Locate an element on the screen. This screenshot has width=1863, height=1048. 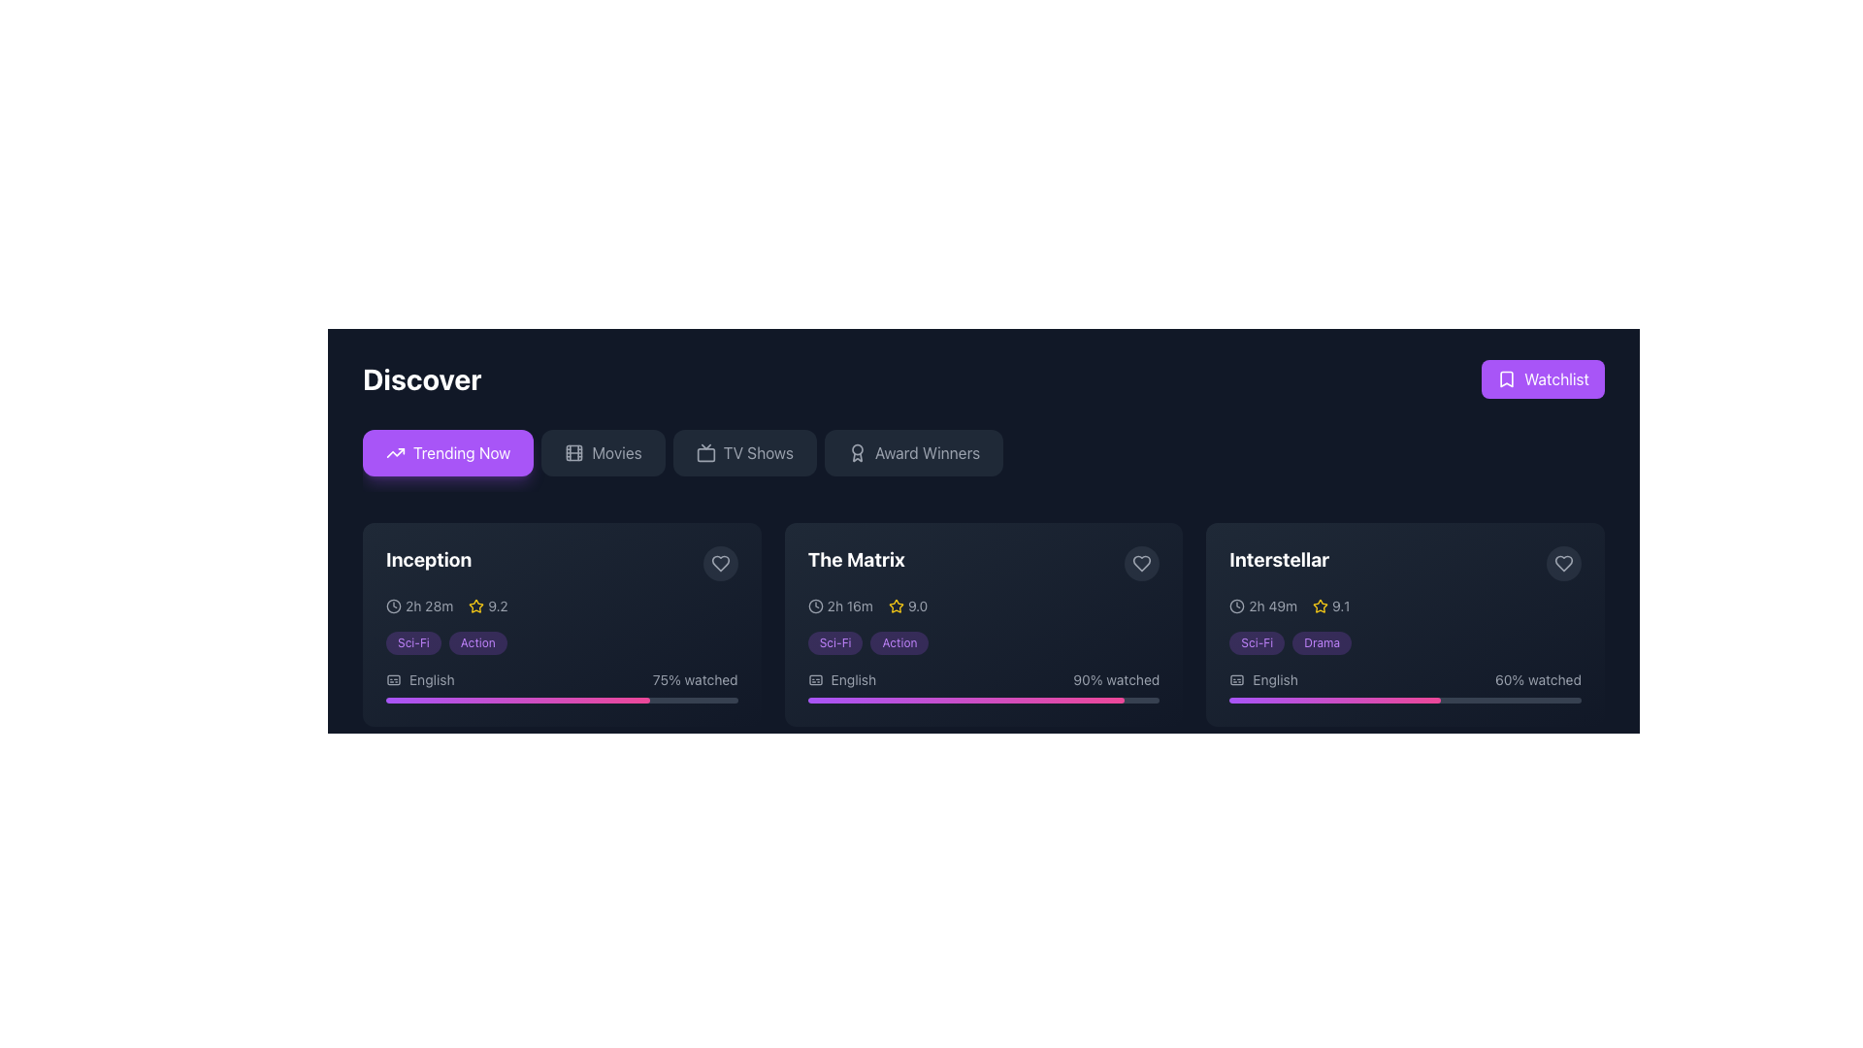
the third button in the row labeled for navigating to the TV Shows section to update the displayed content is located at coordinates (743, 452).